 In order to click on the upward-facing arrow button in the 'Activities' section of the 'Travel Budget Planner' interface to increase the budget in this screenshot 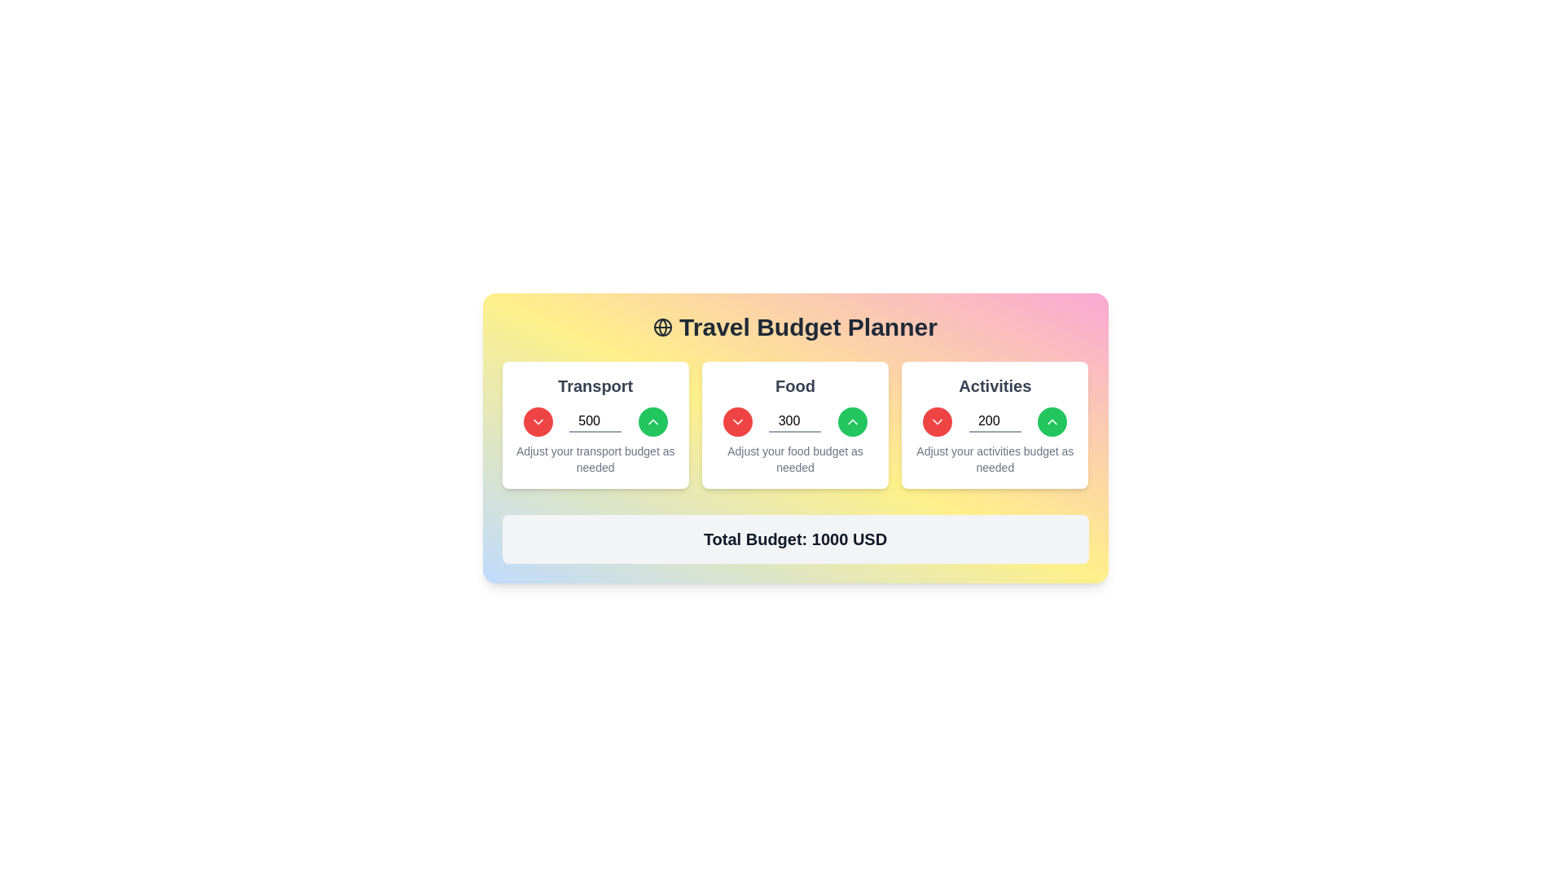, I will do `click(1052, 420)`.